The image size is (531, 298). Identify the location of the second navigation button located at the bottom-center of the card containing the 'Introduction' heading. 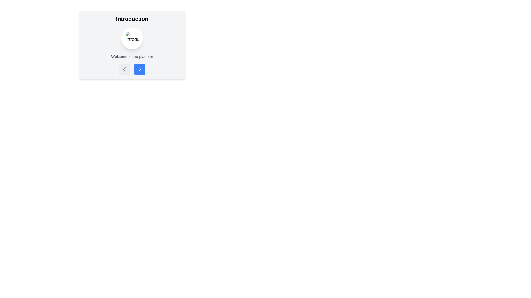
(140, 69).